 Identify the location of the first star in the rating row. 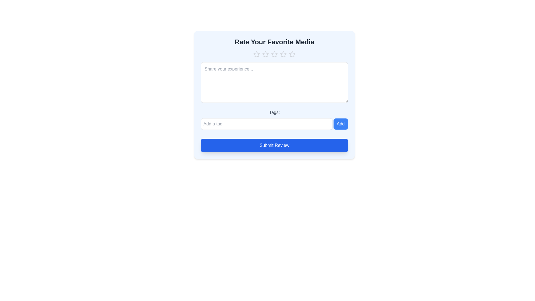
(256, 54).